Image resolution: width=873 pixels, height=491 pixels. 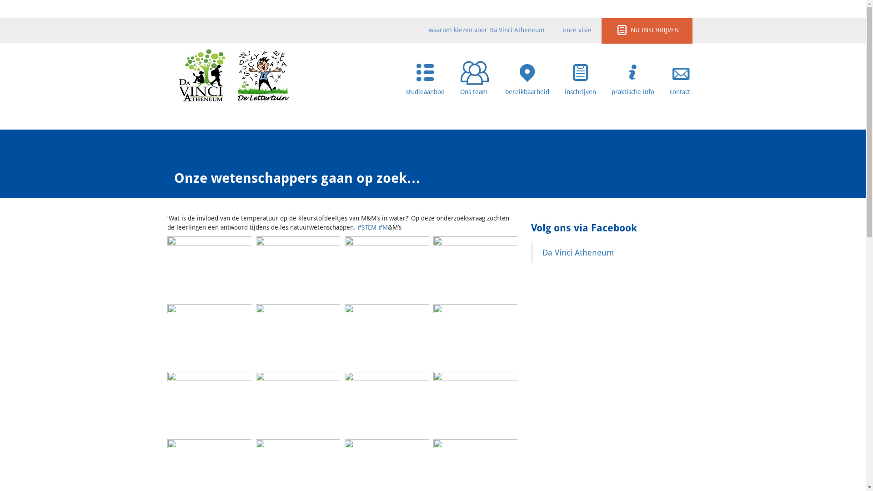 I want to click on 'bereikbaarheid', so click(x=527, y=75).